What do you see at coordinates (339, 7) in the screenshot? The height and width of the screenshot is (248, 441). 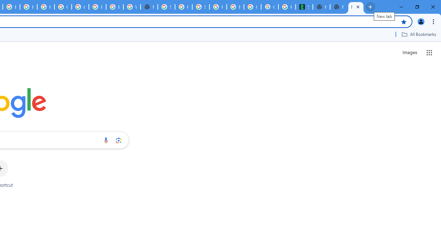 I see `'New Tab'` at bounding box center [339, 7].